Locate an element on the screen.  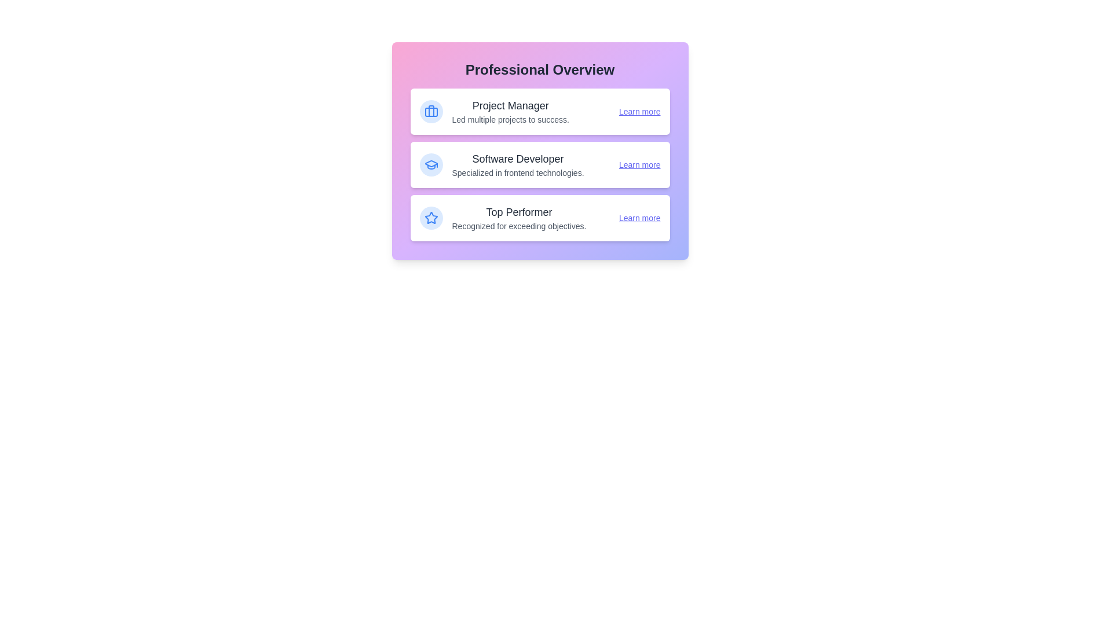
the 'Learn more' link for the Top Performer profile is located at coordinates (639, 218).